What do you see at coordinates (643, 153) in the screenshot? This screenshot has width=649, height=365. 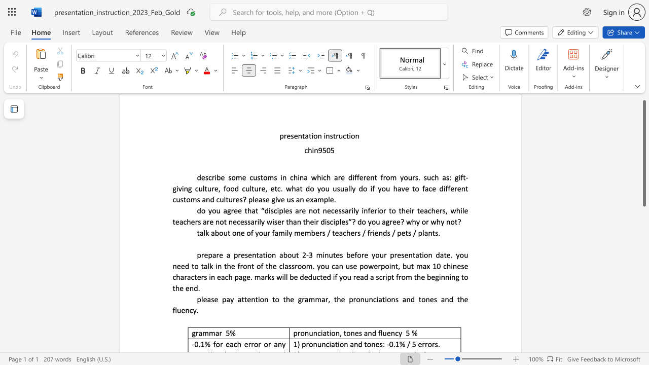 I see `the scrollbar and move down 20 pixels` at bounding box center [643, 153].